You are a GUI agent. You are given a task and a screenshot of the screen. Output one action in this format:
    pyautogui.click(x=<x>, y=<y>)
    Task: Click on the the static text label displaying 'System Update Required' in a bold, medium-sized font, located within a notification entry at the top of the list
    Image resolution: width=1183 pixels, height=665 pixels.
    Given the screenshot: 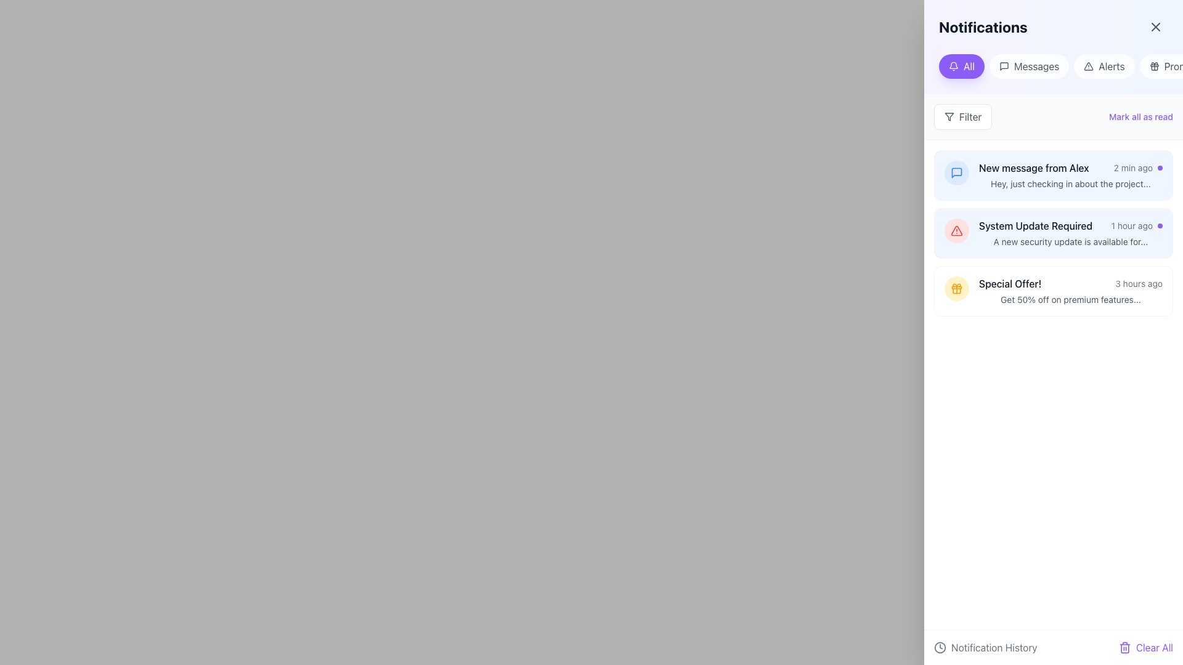 What is the action you would take?
    pyautogui.click(x=1035, y=225)
    